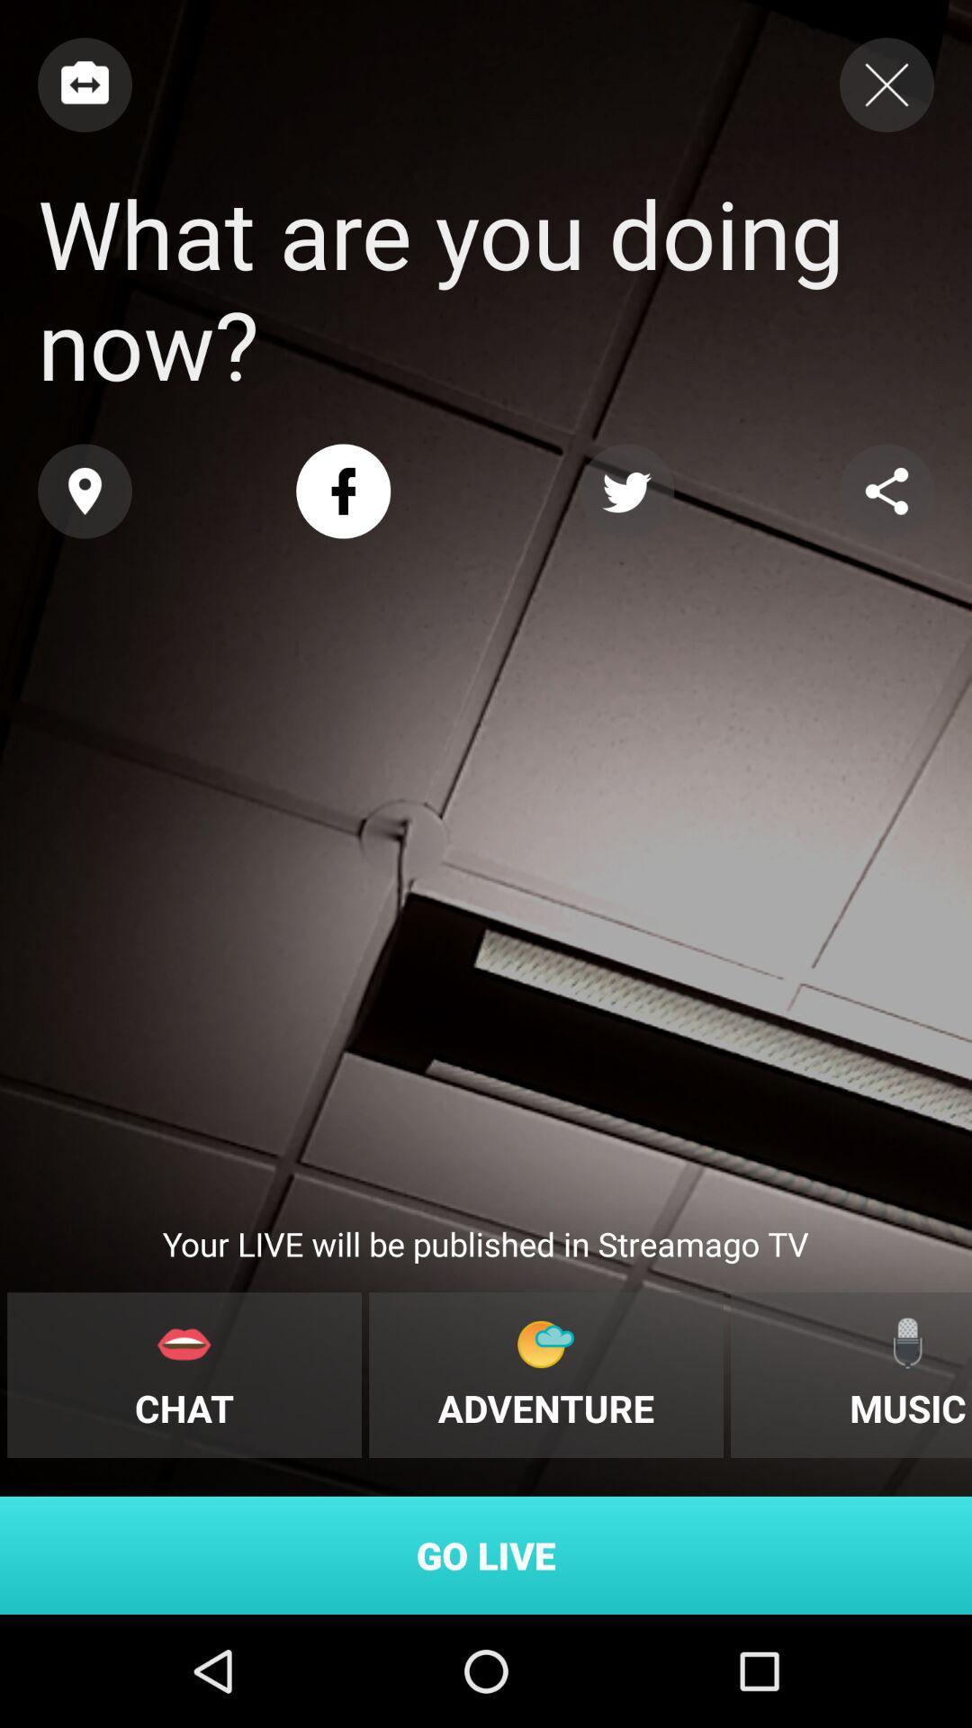 The image size is (972, 1728). I want to click on connect, so click(85, 84).